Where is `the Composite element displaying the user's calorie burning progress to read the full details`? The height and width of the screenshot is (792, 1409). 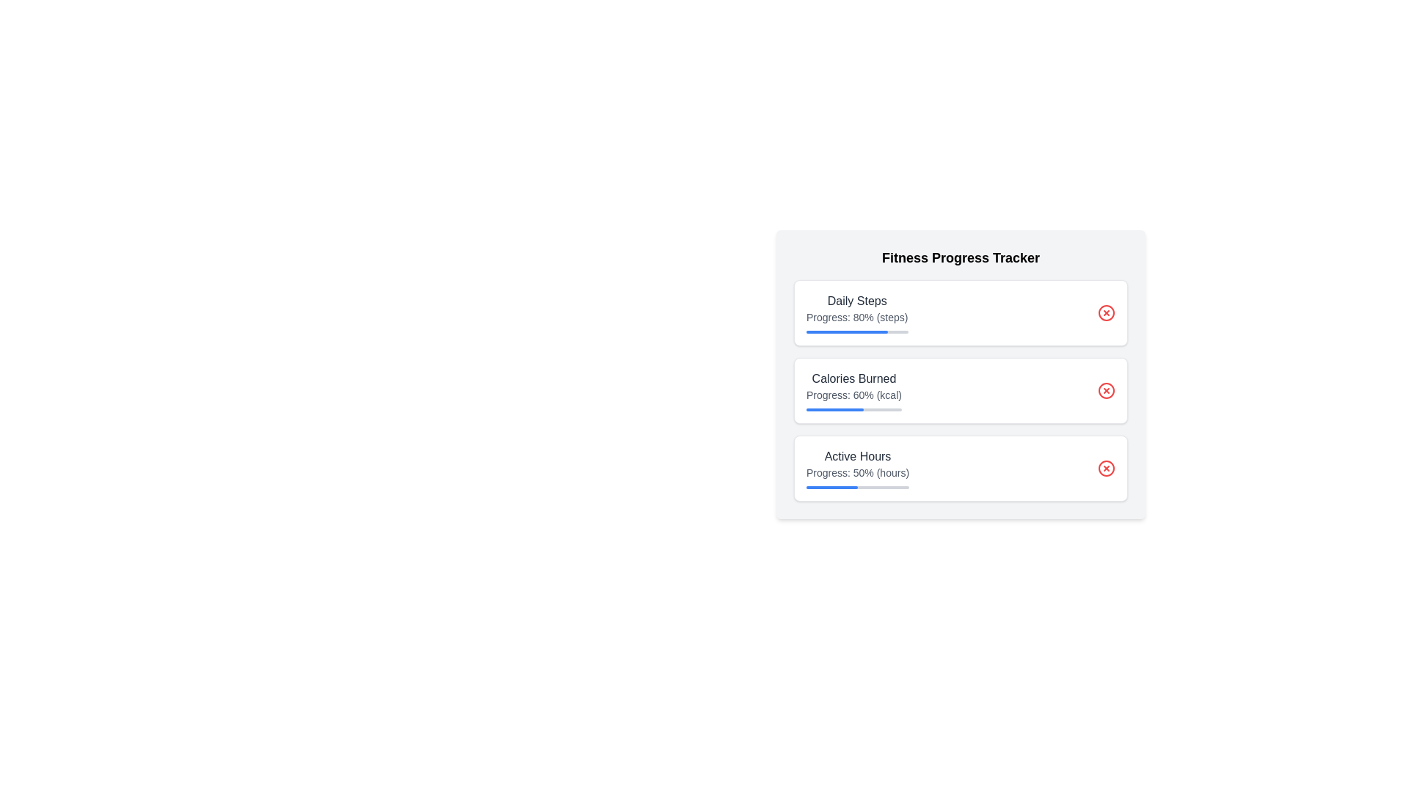
the Composite element displaying the user's calorie burning progress to read the full details is located at coordinates (853, 389).